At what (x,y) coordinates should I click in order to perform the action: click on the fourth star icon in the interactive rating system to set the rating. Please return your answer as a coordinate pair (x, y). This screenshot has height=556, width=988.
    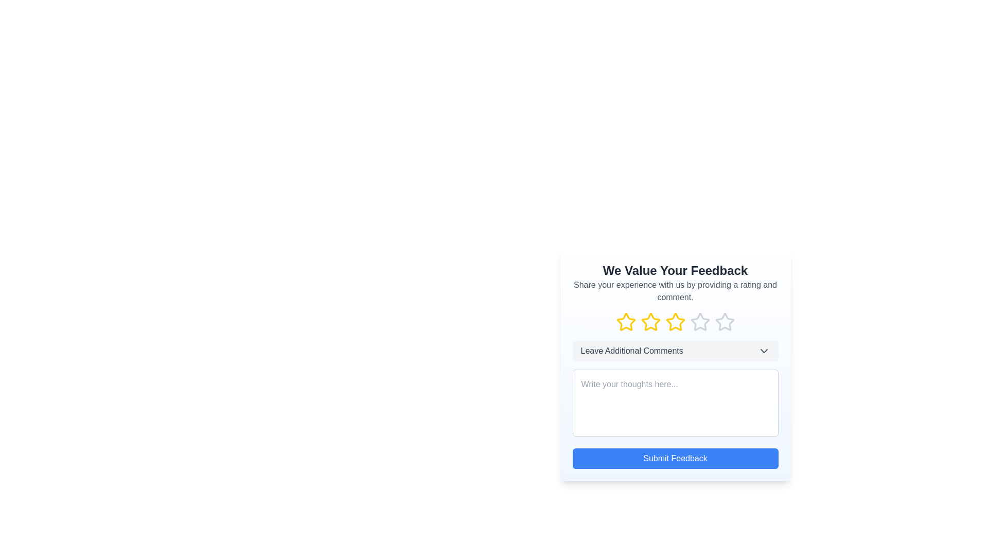
    Looking at the image, I should click on (675, 321).